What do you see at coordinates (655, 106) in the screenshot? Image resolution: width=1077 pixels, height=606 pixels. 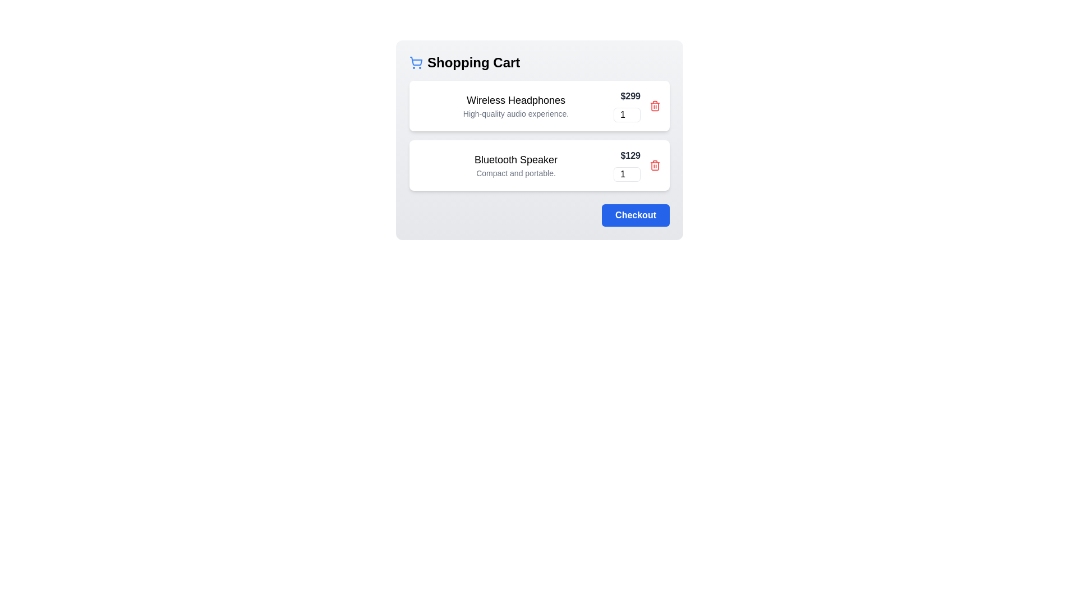 I see `the trash icon to remove Wireless Headphones from the cart` at bounding box center [655, 106].